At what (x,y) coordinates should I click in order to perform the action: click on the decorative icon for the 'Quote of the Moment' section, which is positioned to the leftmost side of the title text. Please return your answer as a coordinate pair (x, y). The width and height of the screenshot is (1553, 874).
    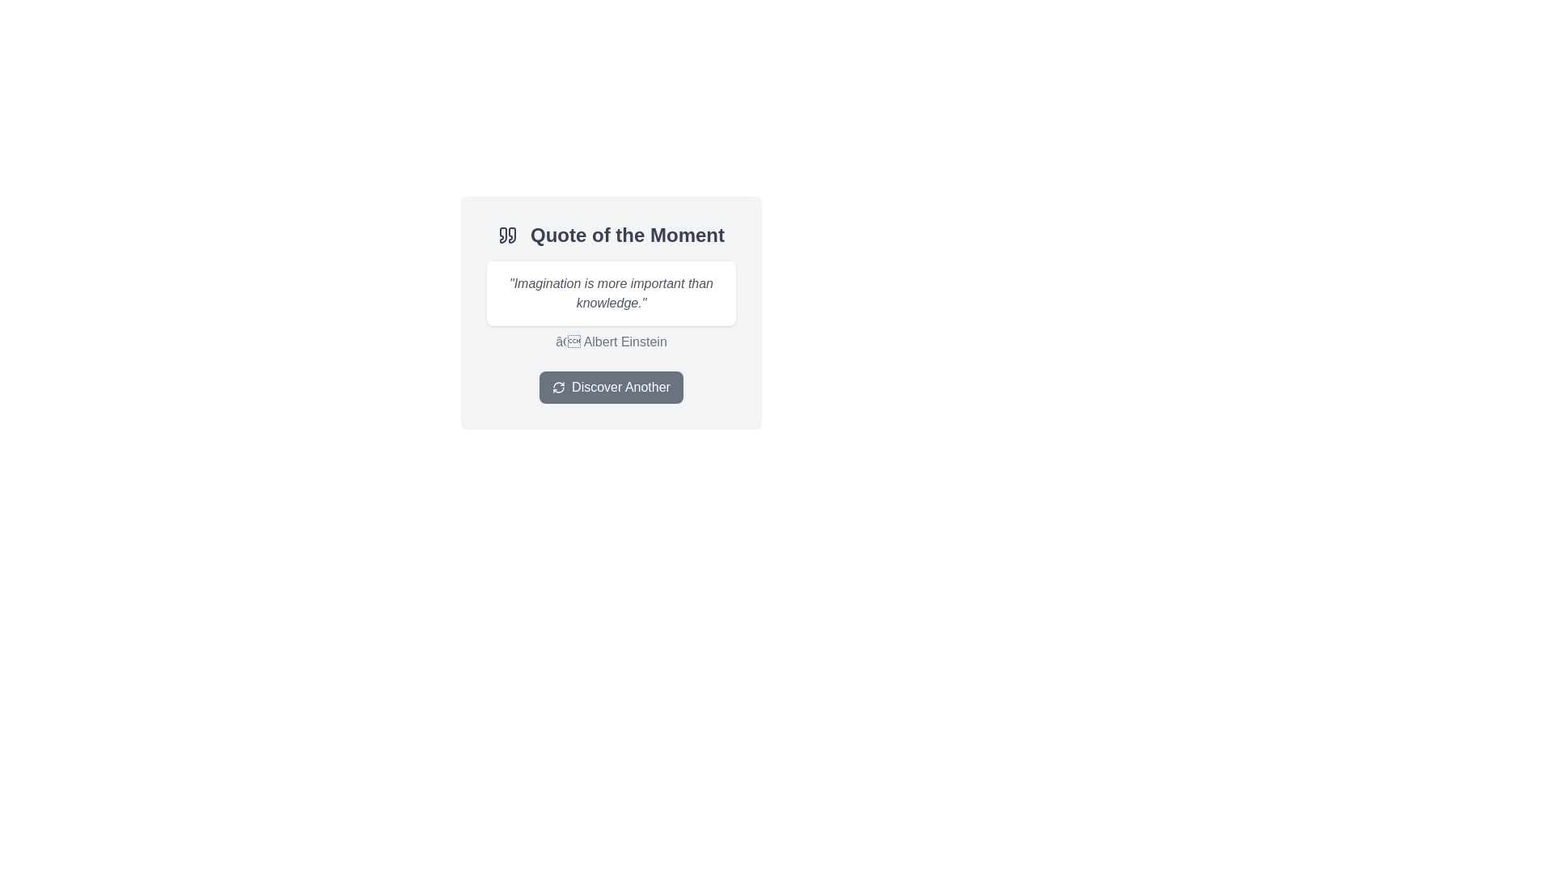
    Looking at the image, I should click on (507, 235).